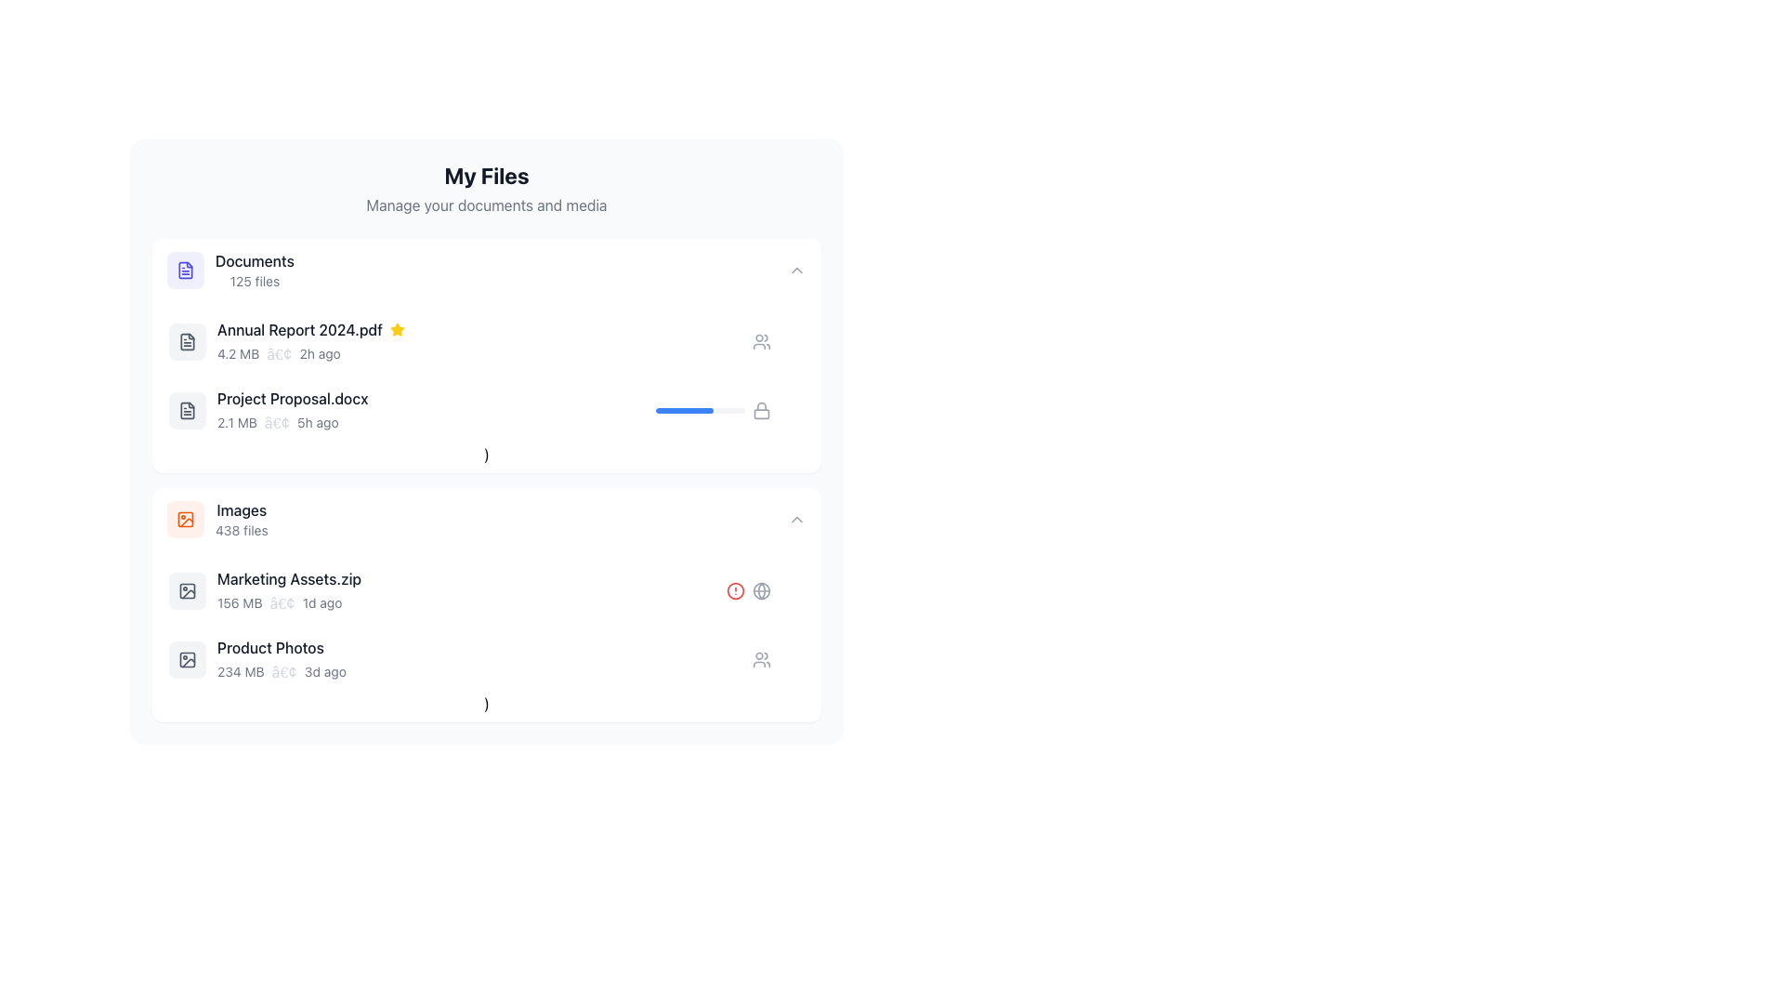  I want to click on the second file entry in the 'Documents' section of the file manager for batch actions, so click(412, 410).